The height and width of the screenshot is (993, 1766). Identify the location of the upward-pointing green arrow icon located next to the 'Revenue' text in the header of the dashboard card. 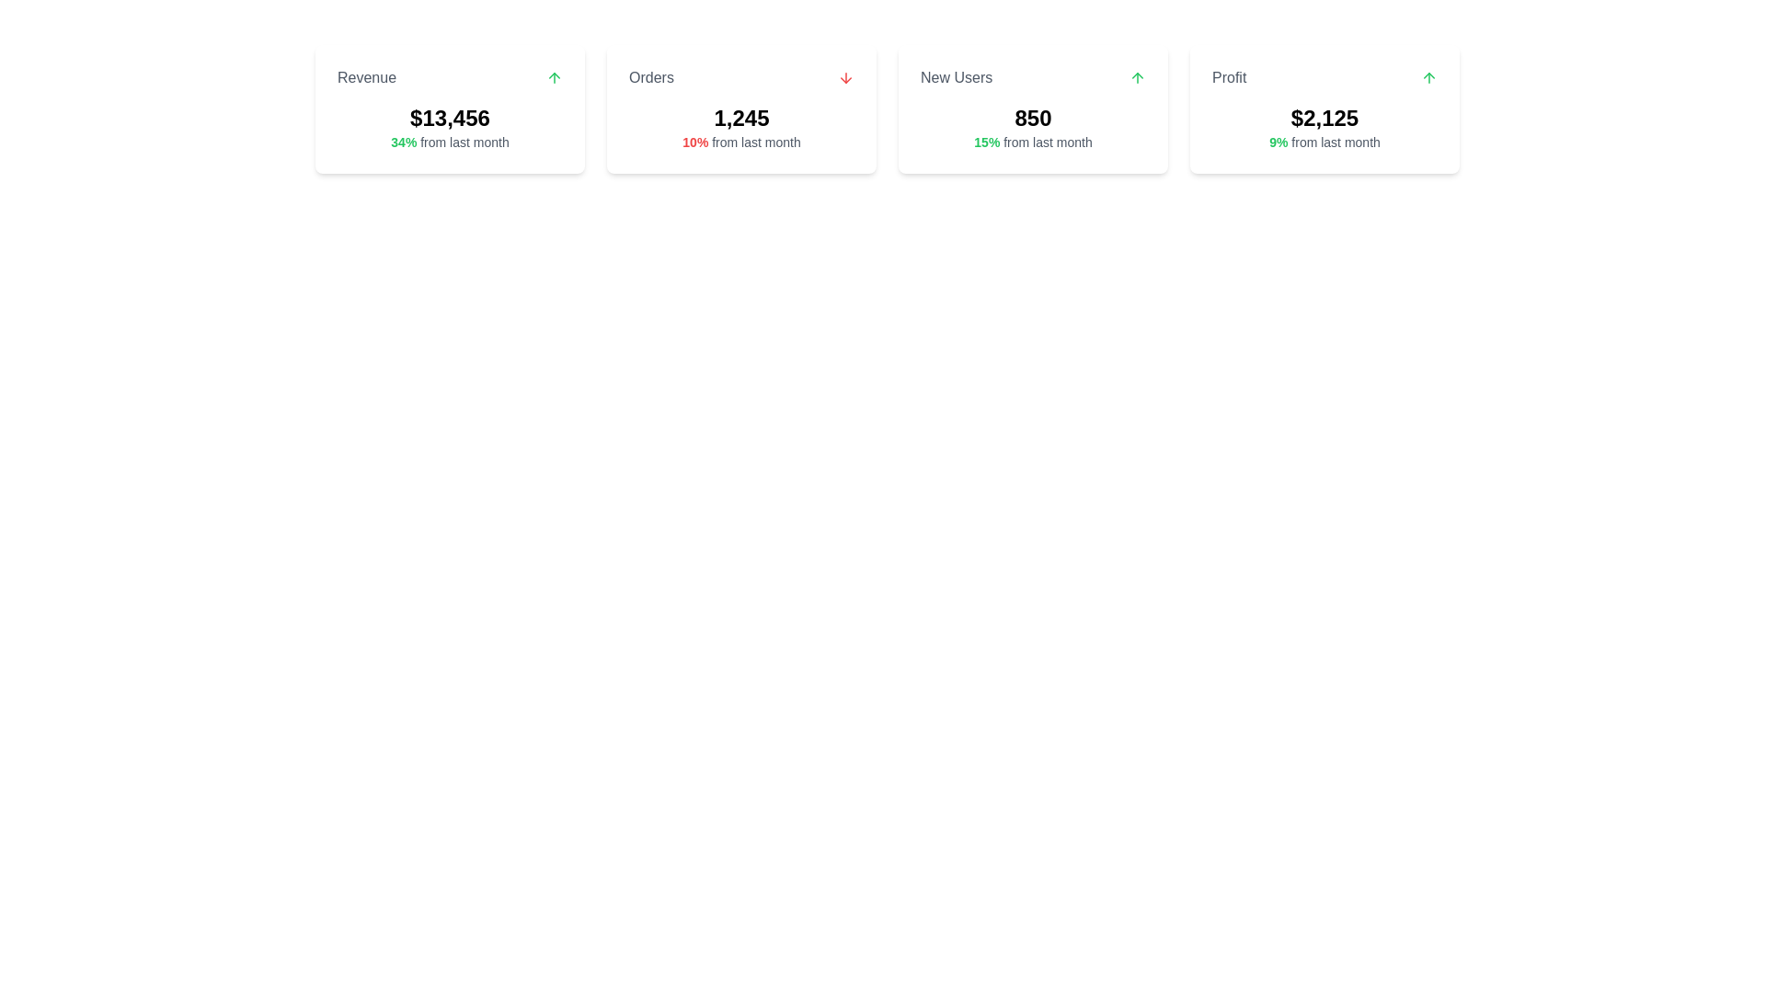
(554, 76).